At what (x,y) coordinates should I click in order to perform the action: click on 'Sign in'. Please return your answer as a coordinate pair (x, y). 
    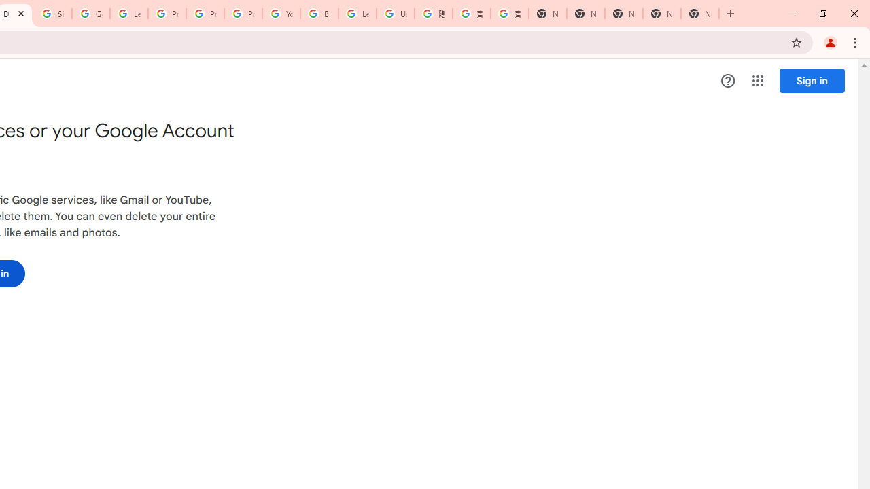
    Looking at the image, I should click on (812, 80).